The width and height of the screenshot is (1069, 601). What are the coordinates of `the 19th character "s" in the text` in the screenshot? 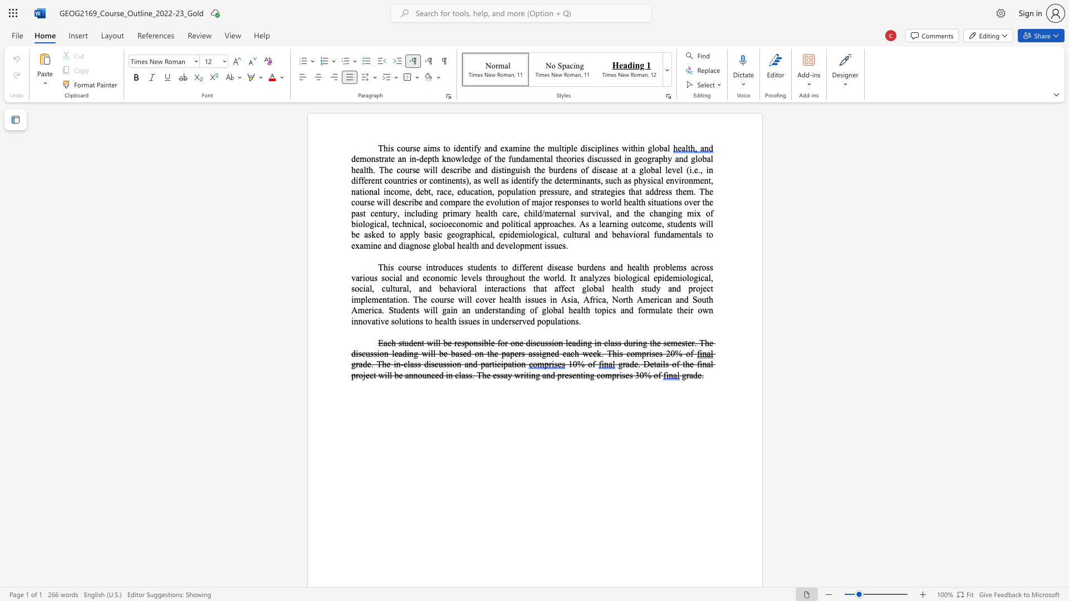 It's located at (448, 299).